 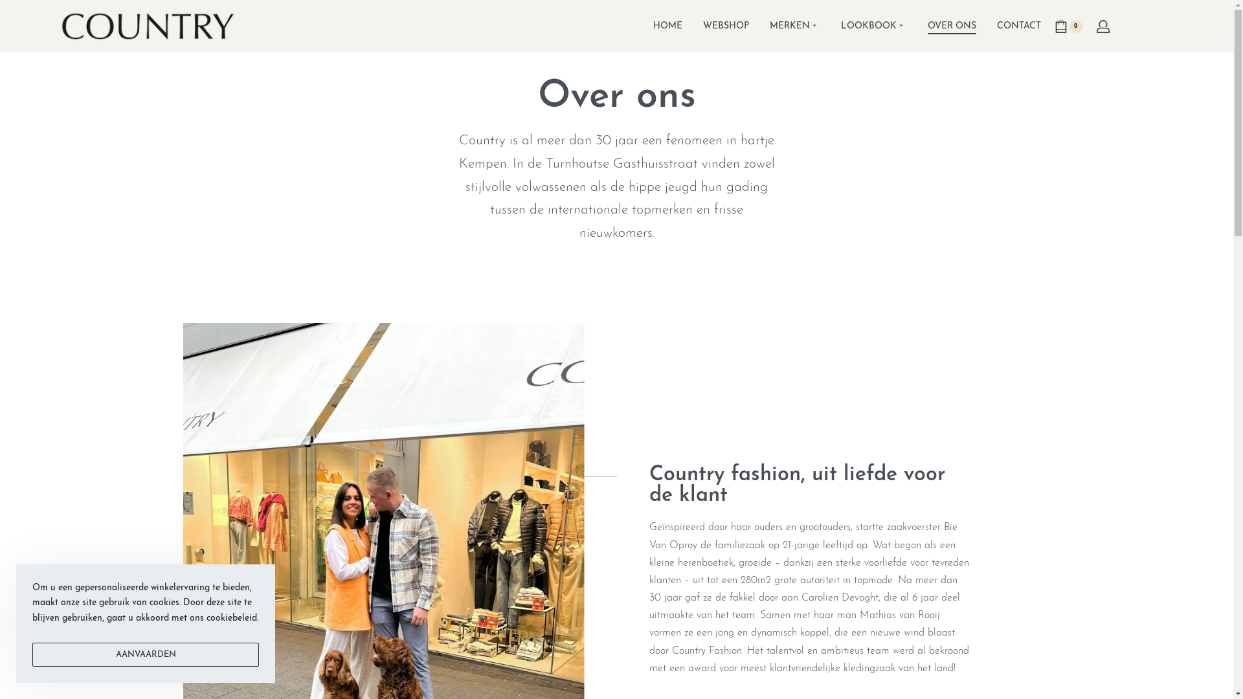 What do you see at coordinates (1068, 27) in the screenshot?
I see `'0'` at bounding box center [1068, 27].